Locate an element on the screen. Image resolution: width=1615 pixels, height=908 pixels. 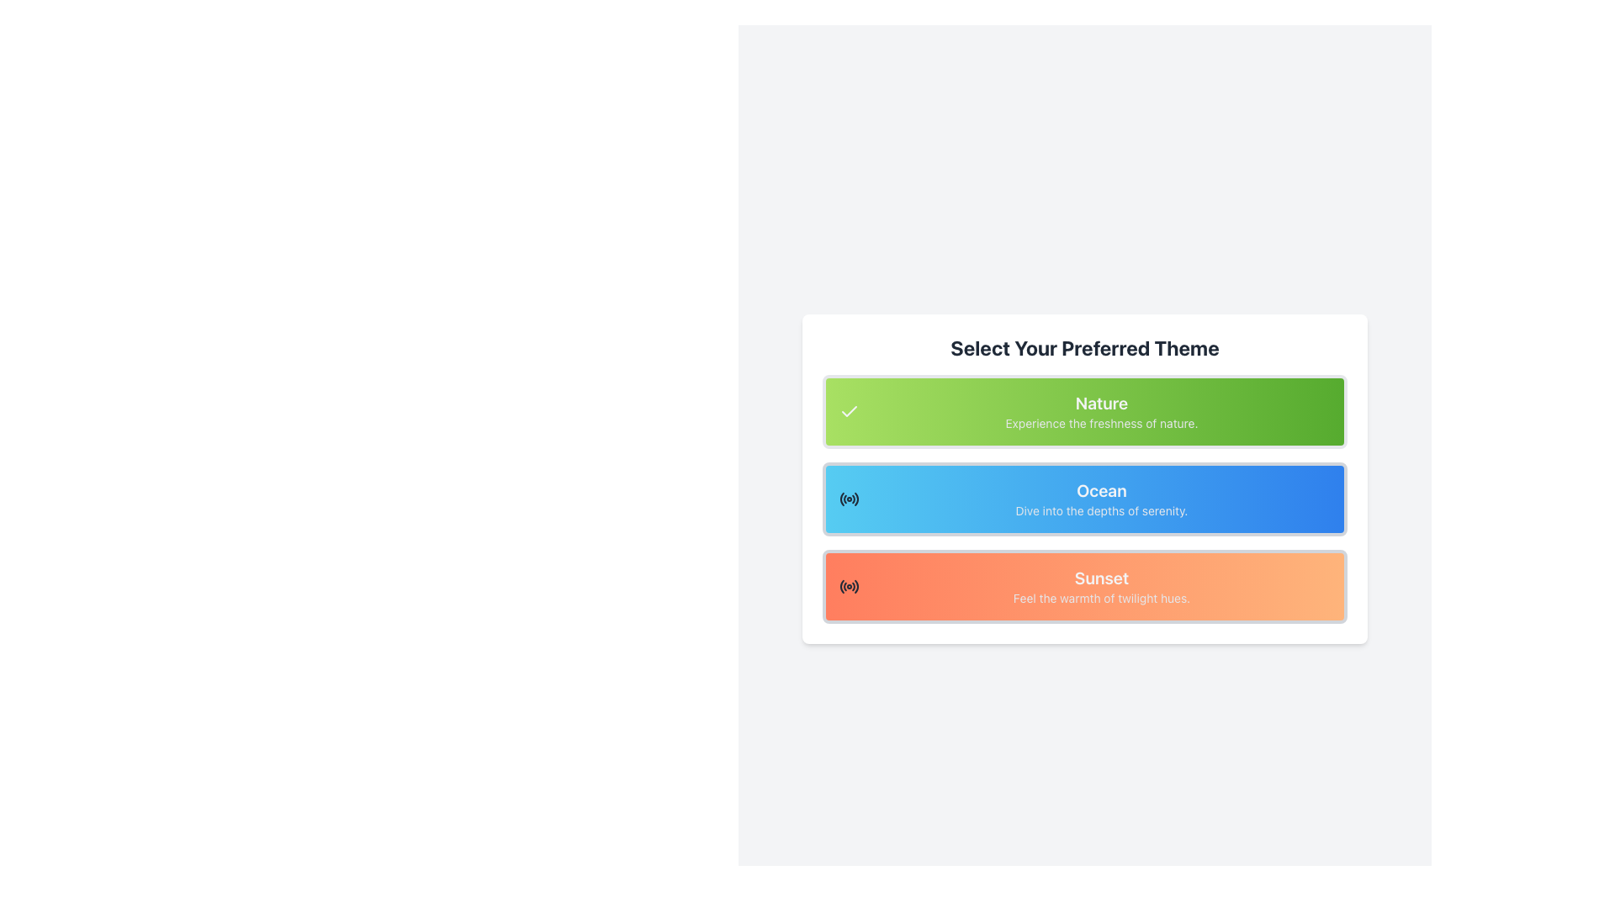
the text label displaying 'Feel the warmth of twilight hues.' located beneath the 'Sunset' button with an orange gradient background is located at coordinates (1102, 598).